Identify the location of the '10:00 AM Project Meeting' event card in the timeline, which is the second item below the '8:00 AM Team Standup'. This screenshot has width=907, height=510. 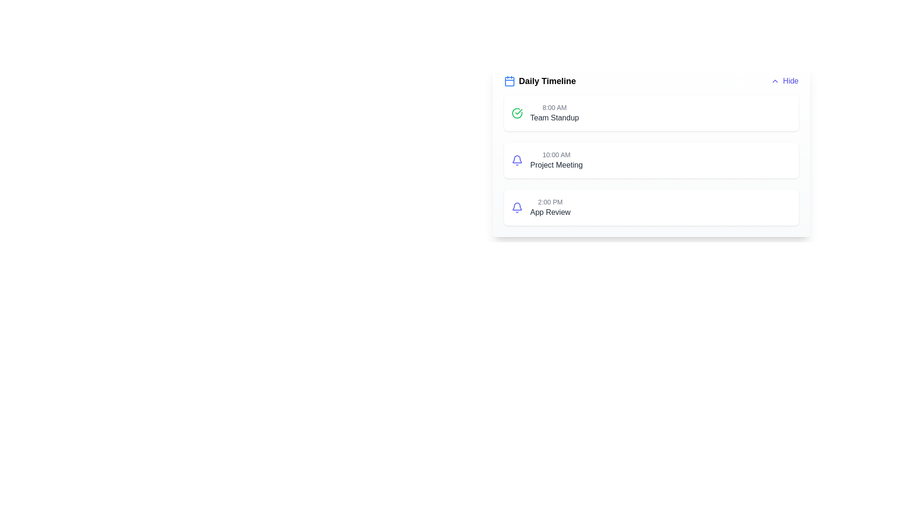
(650, 147).